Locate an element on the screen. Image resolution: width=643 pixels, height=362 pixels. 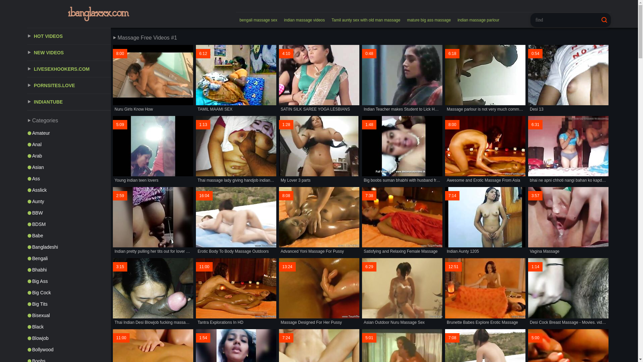
'Aunty' is located at coordinates (27, 201).